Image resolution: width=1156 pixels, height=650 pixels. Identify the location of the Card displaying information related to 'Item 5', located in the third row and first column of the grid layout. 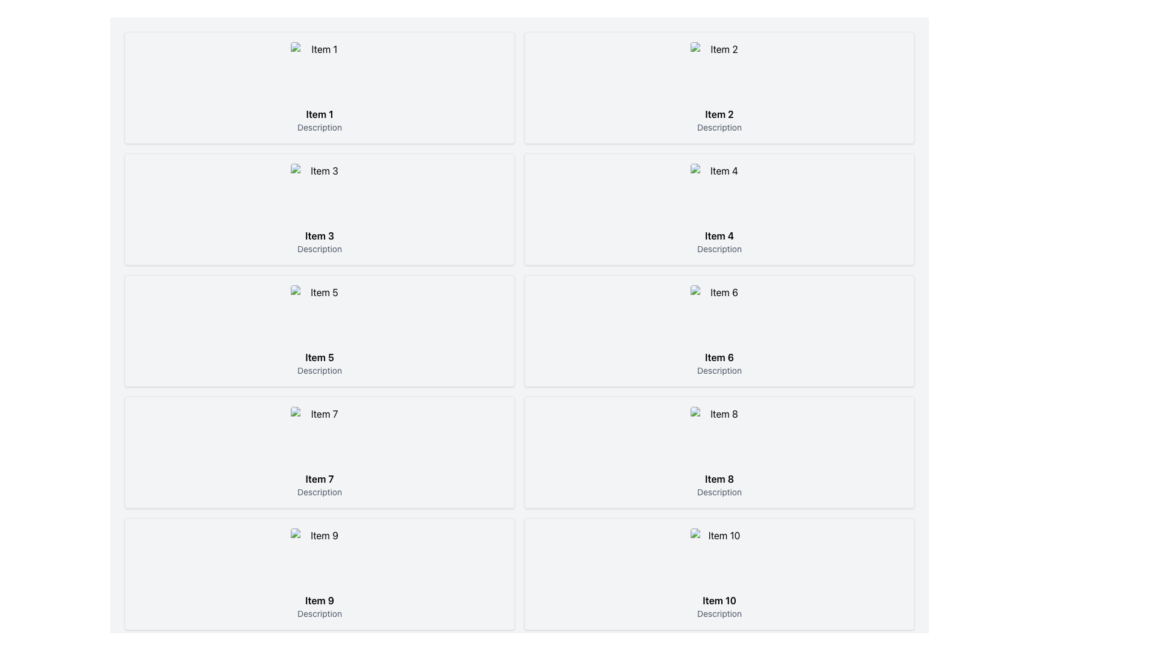
(320, 331).